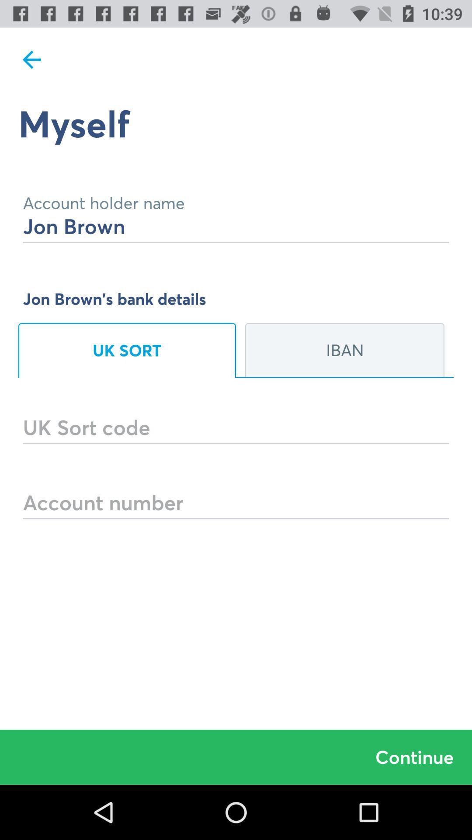 The height and width of the screenshot is (840, 472). What do you see at coordinates (127, 350) in the screenshot?
I see `uk sort` at bounding box center [127, 350].